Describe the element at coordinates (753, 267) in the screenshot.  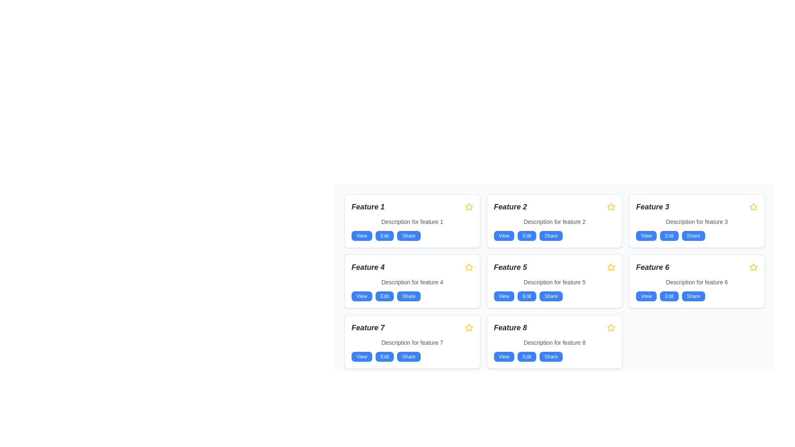
I see `the star icon located in the top right corner of the card labeled 'Feature 6'` at that location.